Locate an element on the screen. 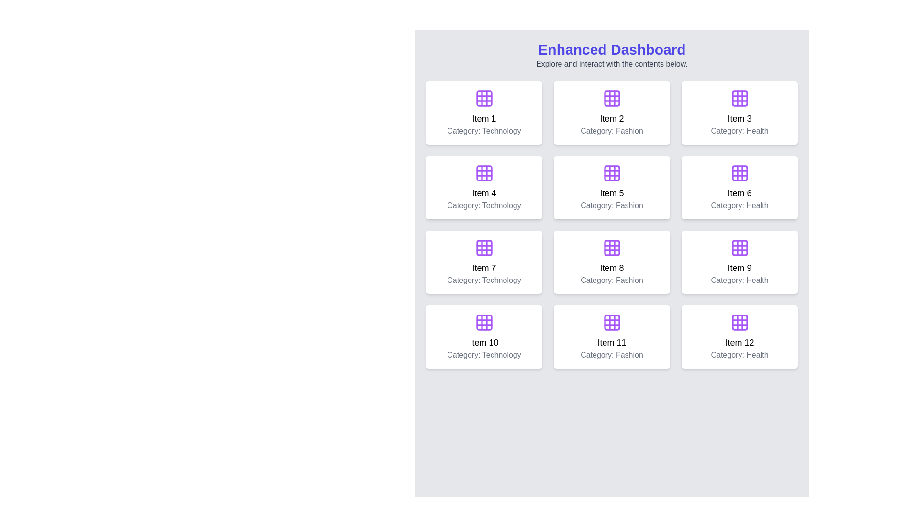 The image size is (919, 517). the text label displaying 'Item 9.' which is part of the ninth card in a grid layout, located in the third column of the third row, above the 'Category: Health' text is located at coordinates (739, 268).